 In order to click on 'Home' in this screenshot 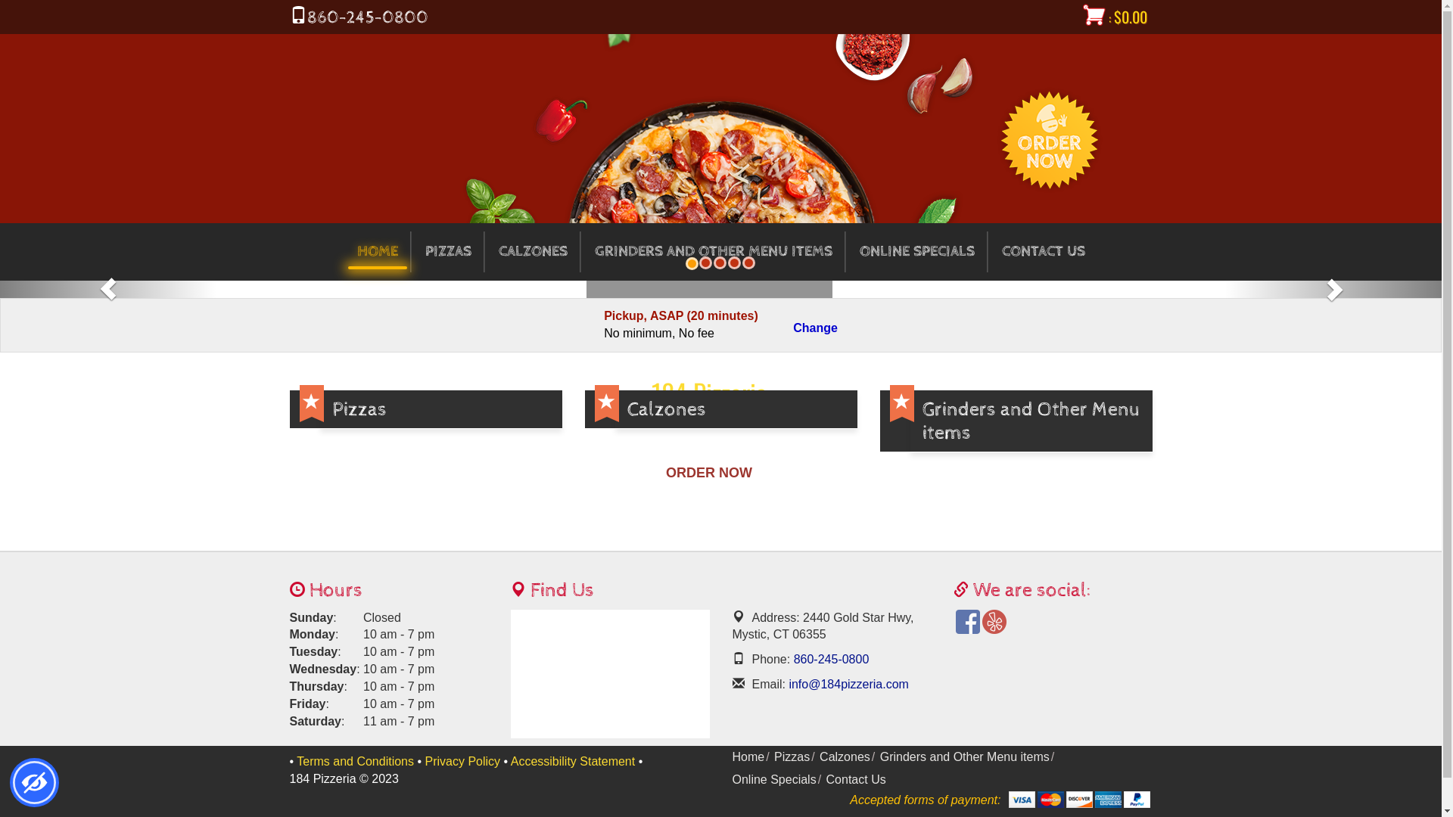, I will do `click(733, 756)`.